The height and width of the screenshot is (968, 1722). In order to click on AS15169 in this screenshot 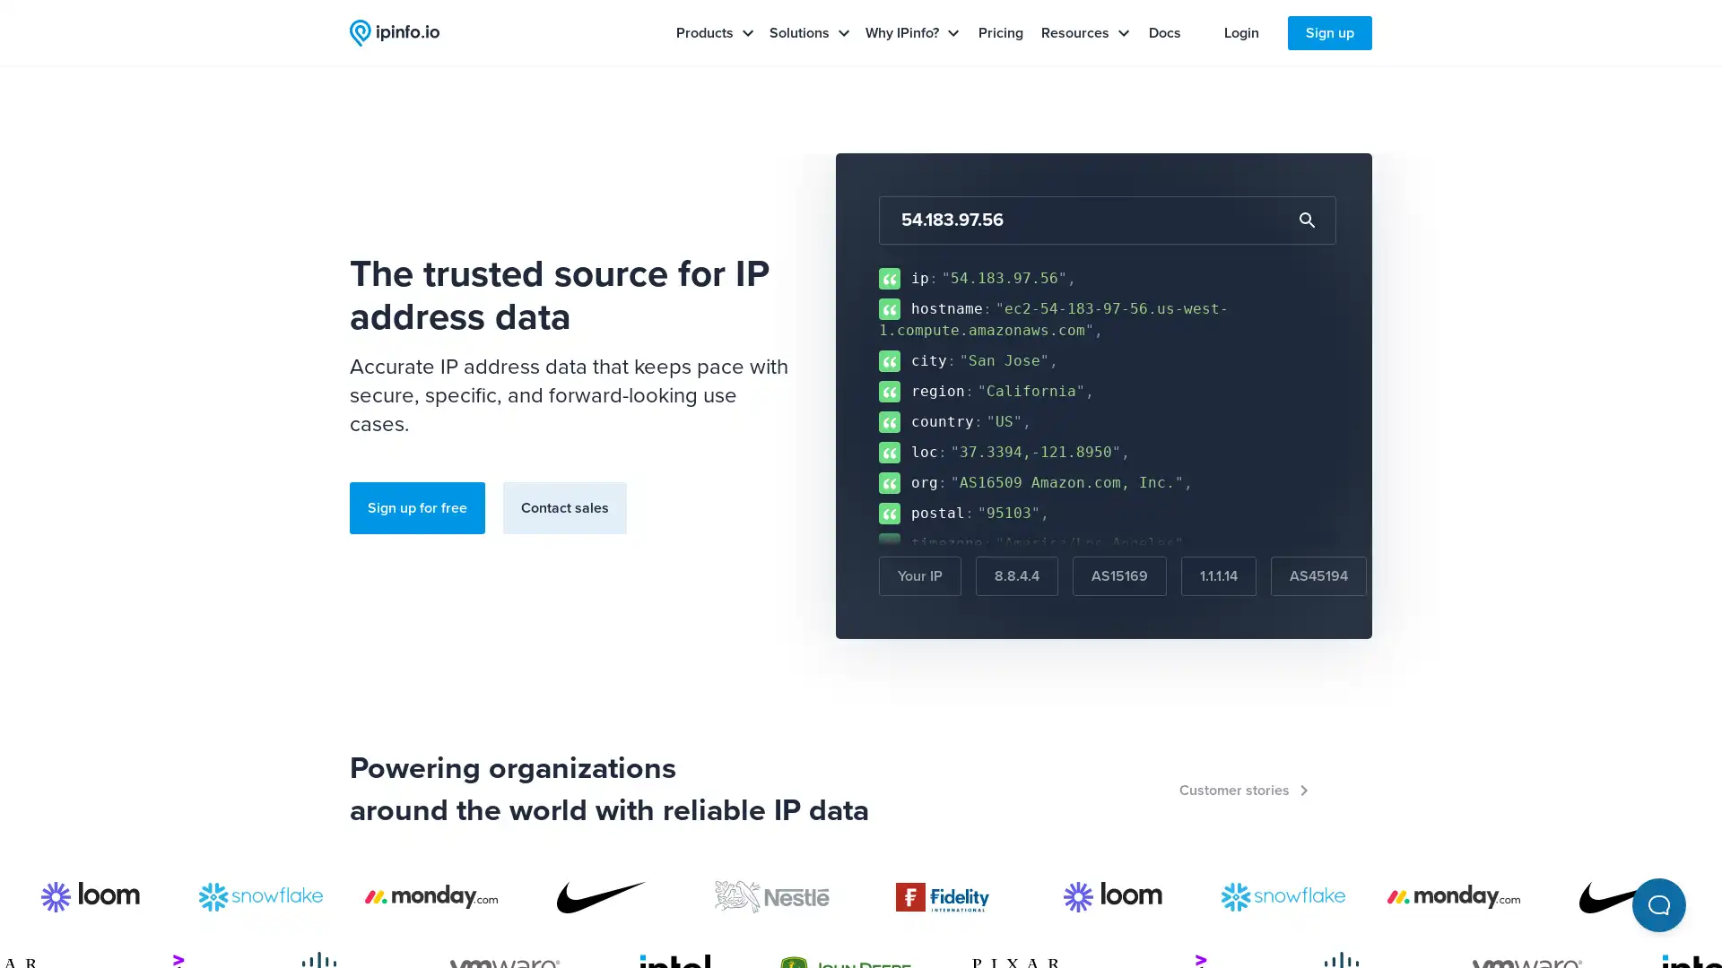, I will do `click(1118, 576)`.